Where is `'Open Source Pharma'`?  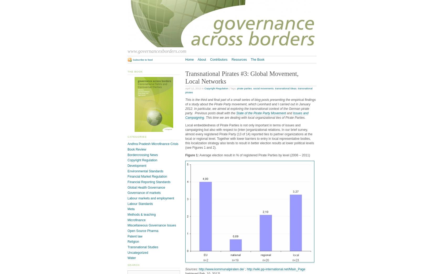 'Open Source Pharma' is located at coordinates (143, 230).